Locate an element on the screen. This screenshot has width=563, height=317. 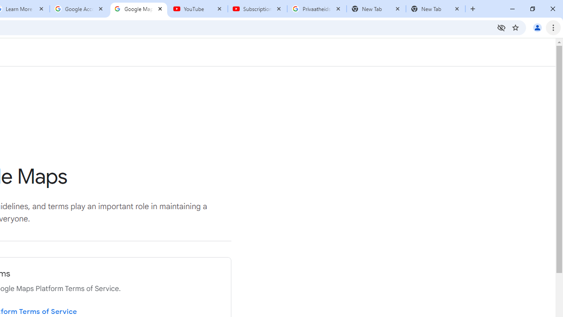
'New Tab' is located at coordinates (435, 9).